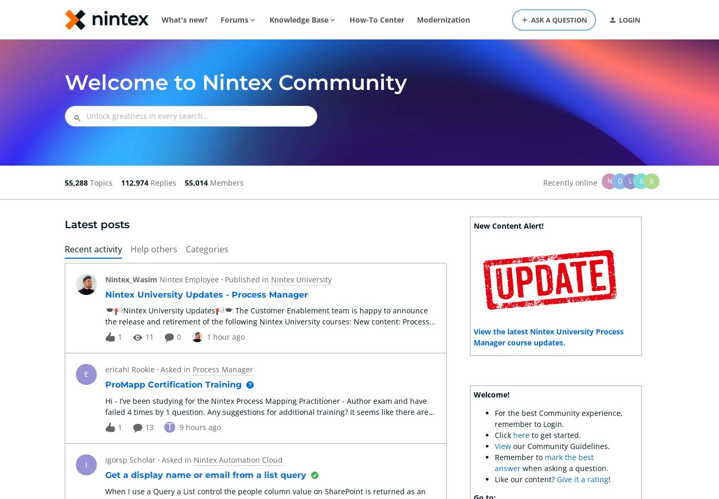 The height and width of the screenshot is (499, 719). What do you see at coordinates (188, 279) in the screenshot?
I see `'Nintex Employee'` at bounding box center [188, 279].